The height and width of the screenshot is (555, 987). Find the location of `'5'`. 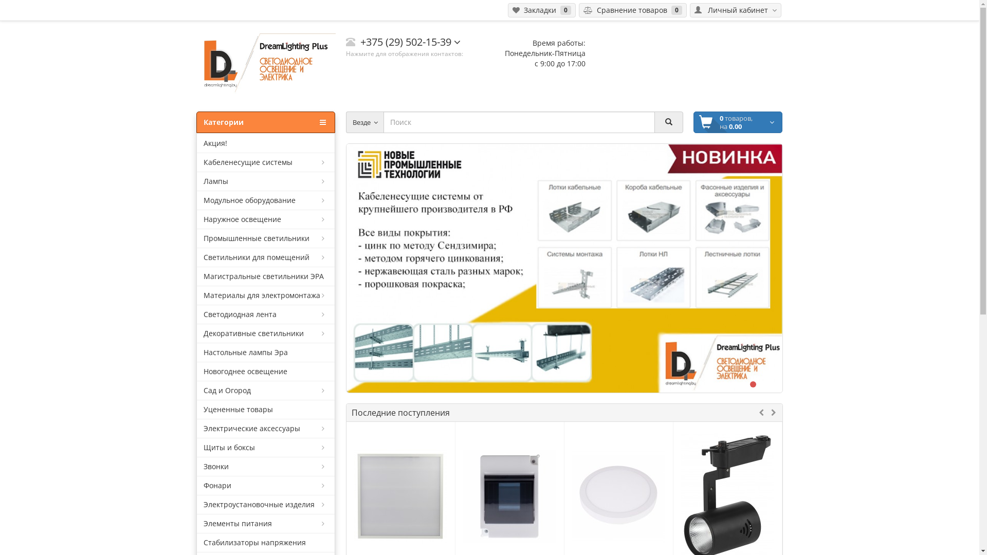

'5' is located at coordinates (762, 384).